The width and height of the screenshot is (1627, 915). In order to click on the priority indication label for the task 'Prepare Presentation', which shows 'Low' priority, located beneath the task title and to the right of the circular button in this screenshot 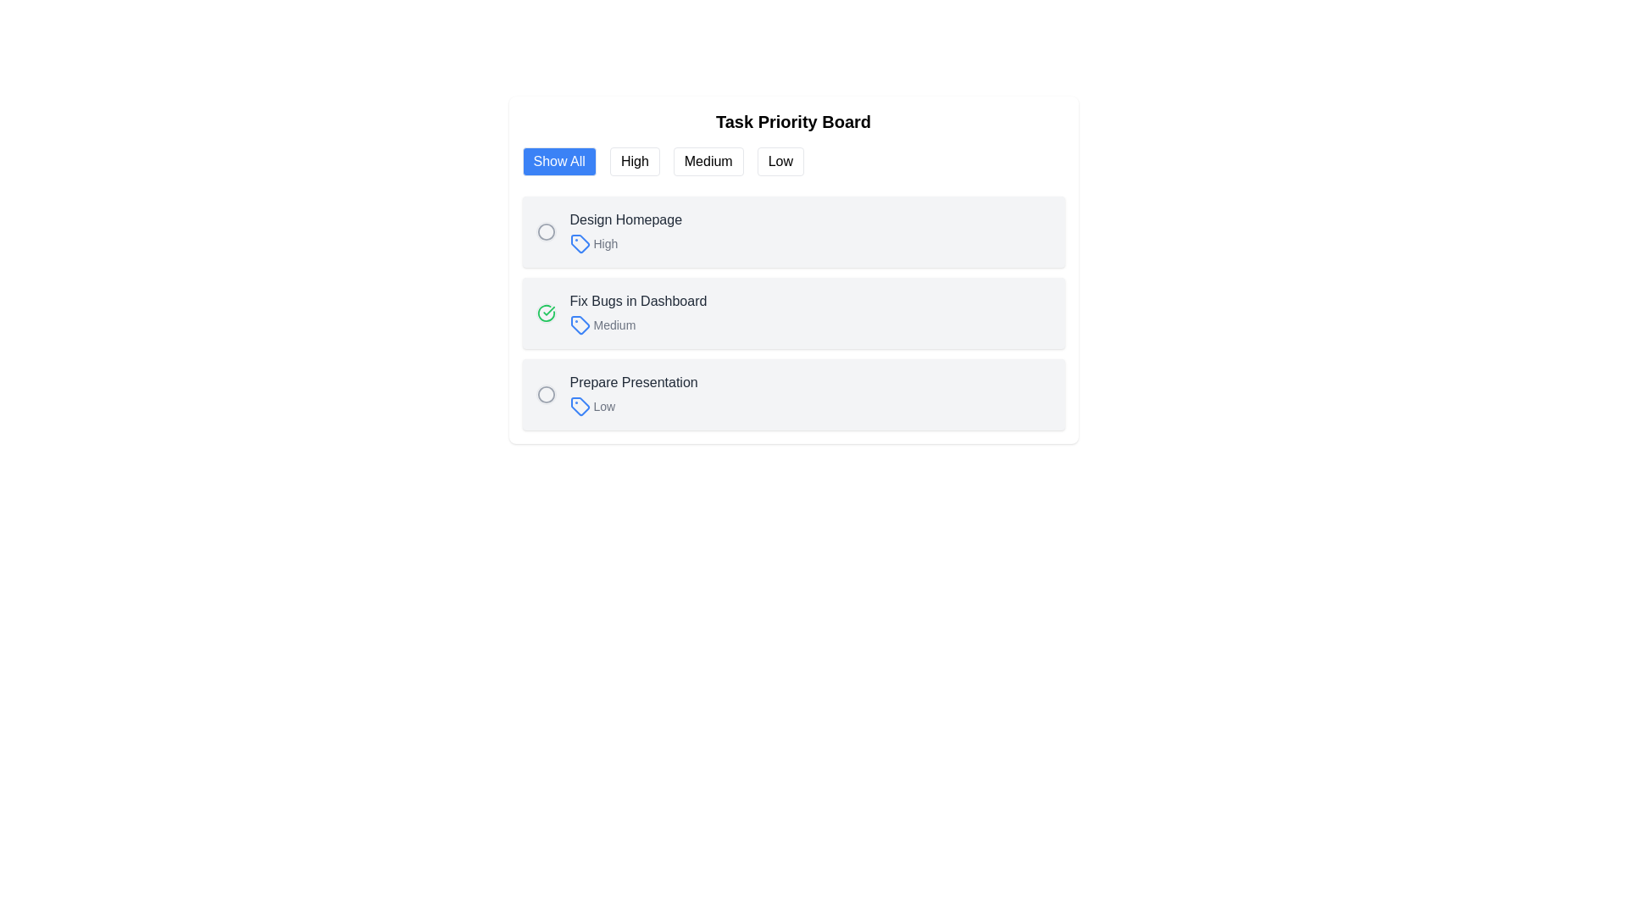, I will do `click(633, 406)`.